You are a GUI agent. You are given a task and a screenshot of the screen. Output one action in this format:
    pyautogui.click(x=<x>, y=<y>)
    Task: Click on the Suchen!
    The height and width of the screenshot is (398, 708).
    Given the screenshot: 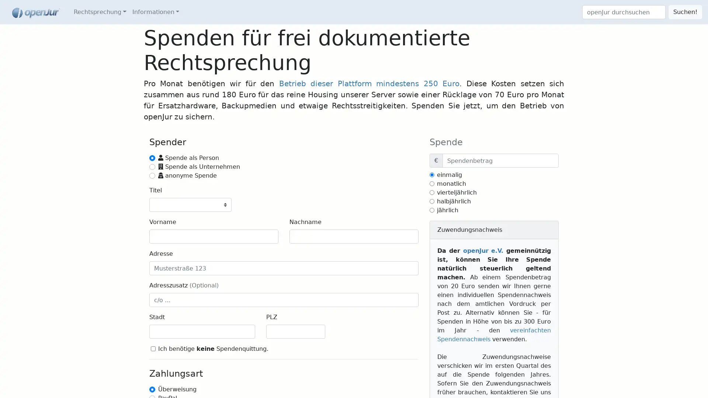 What is the action you would take?
    pyautogui.click(x=685, y=12)
    